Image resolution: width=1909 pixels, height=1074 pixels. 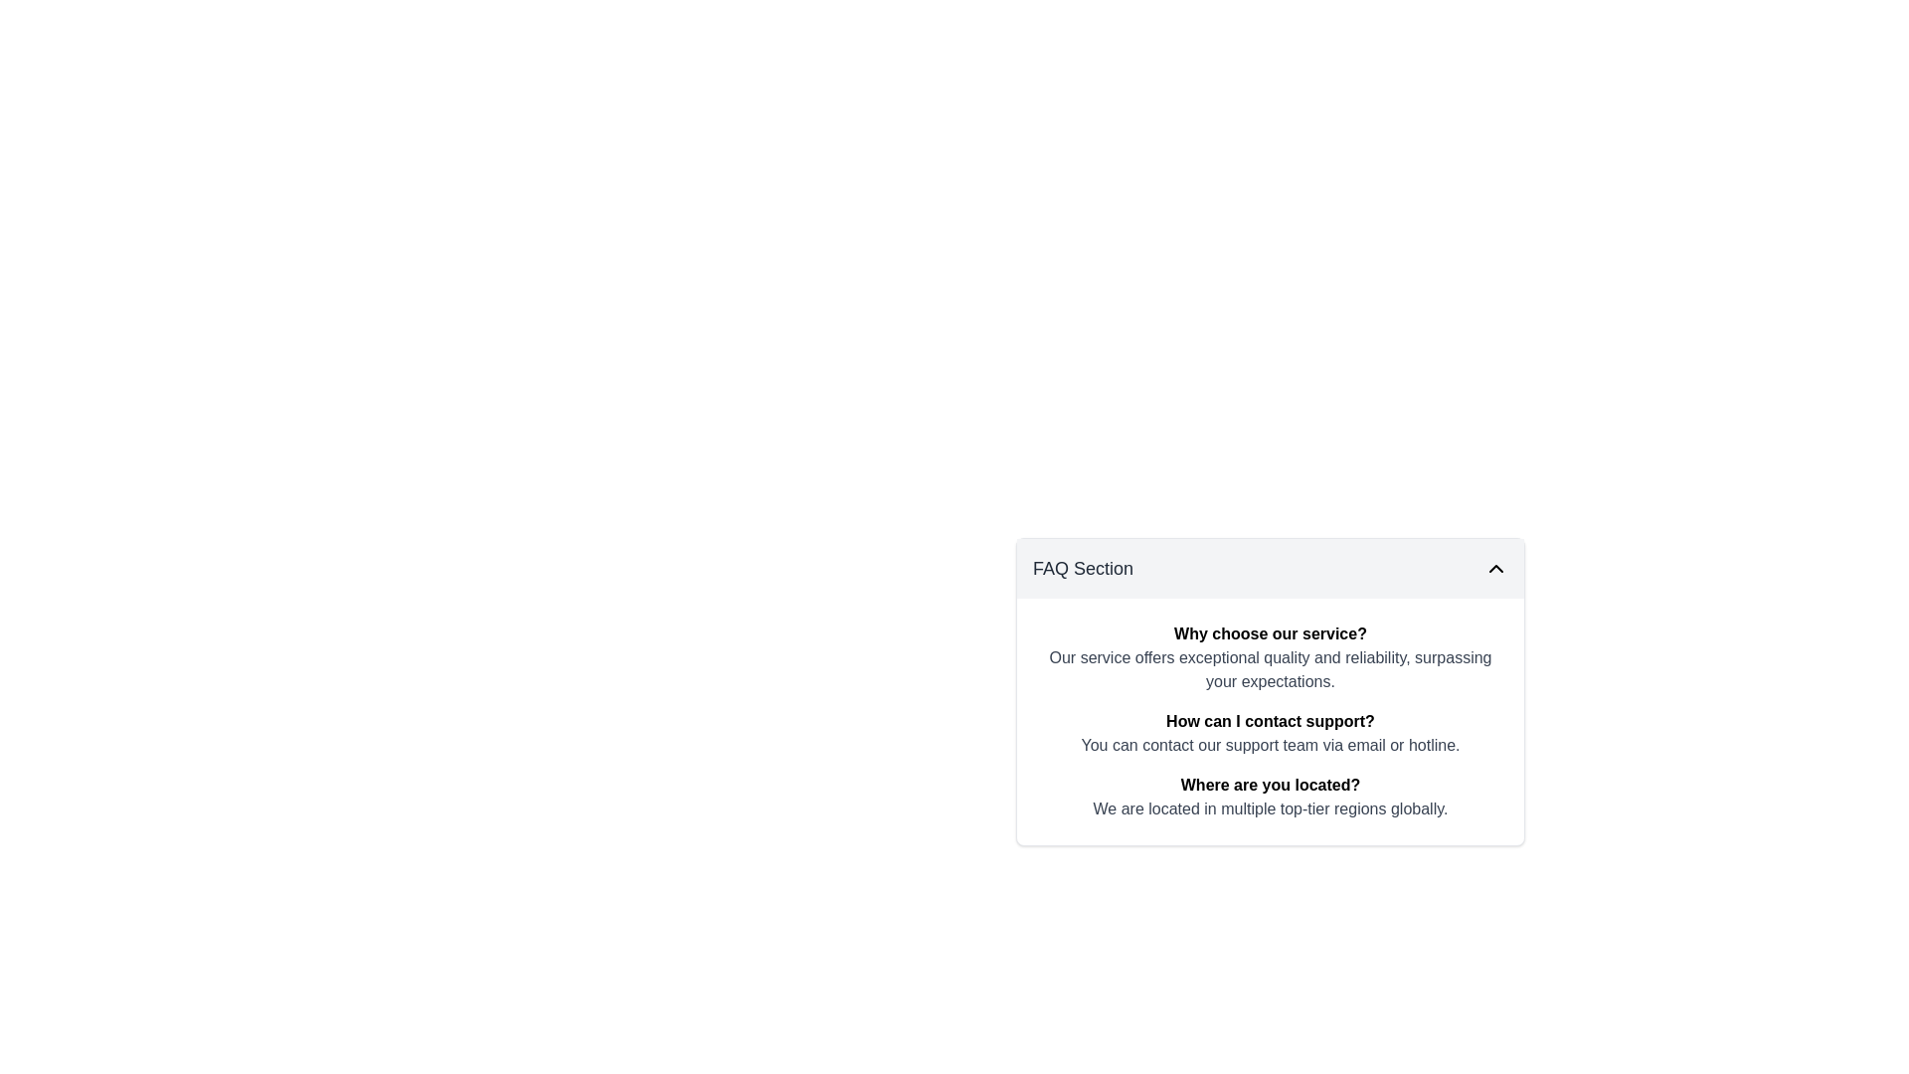 What do you see at coordinates (1269, 670) in the screenshot?
I see `text block styled in gray located directly below the bold heading 'Why choose our service?' in the FAQ section` at bounding box center [1269, 670].